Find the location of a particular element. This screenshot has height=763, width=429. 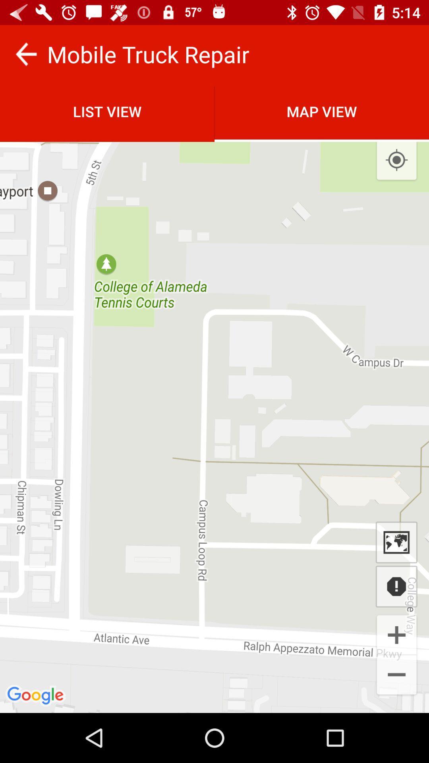

list view is located at coordinates (107, 111).